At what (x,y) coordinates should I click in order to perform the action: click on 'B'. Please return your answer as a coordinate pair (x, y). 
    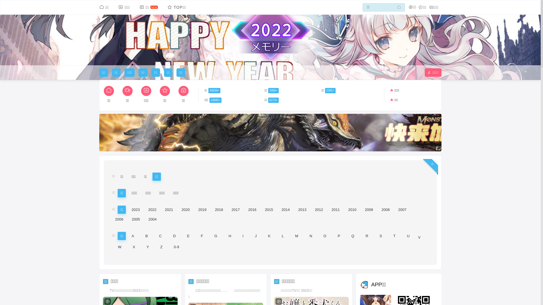
    Looking at the image, I should click on (143, 236).